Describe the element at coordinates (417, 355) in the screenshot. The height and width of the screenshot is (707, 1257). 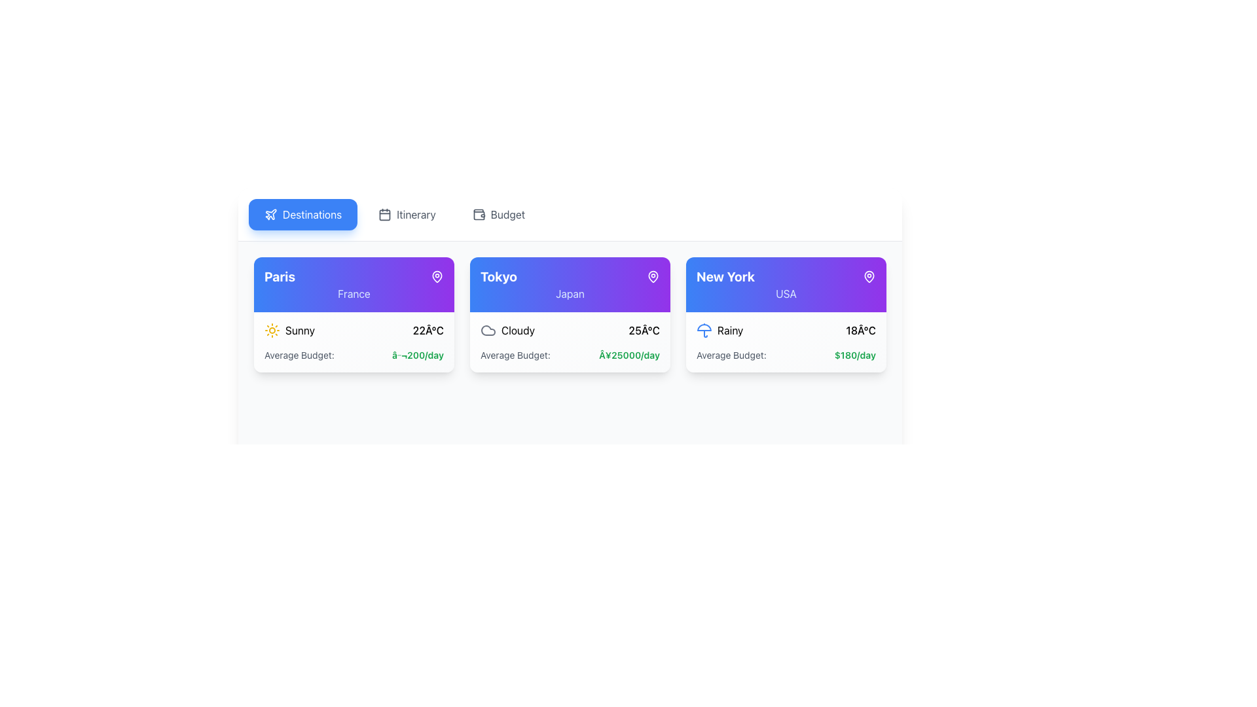
I see `displayed average daily budget text for Paris, located below the 'Average Budget:' label in the lower-right section of the Paris weather card` at that location.